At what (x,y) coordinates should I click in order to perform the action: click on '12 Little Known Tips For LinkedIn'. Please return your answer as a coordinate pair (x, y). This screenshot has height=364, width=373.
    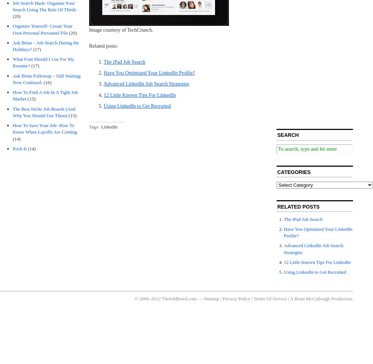
    Looking at the image, I should click on (139, 95).